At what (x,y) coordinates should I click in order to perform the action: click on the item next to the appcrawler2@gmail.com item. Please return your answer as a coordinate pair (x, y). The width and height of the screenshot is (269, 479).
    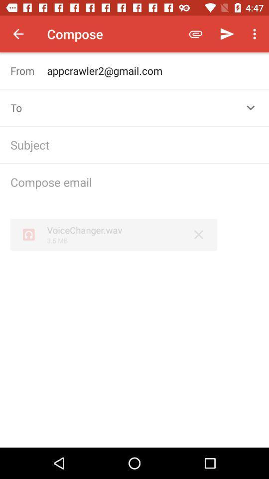
    Looking at the image, I should click on (28, 70).